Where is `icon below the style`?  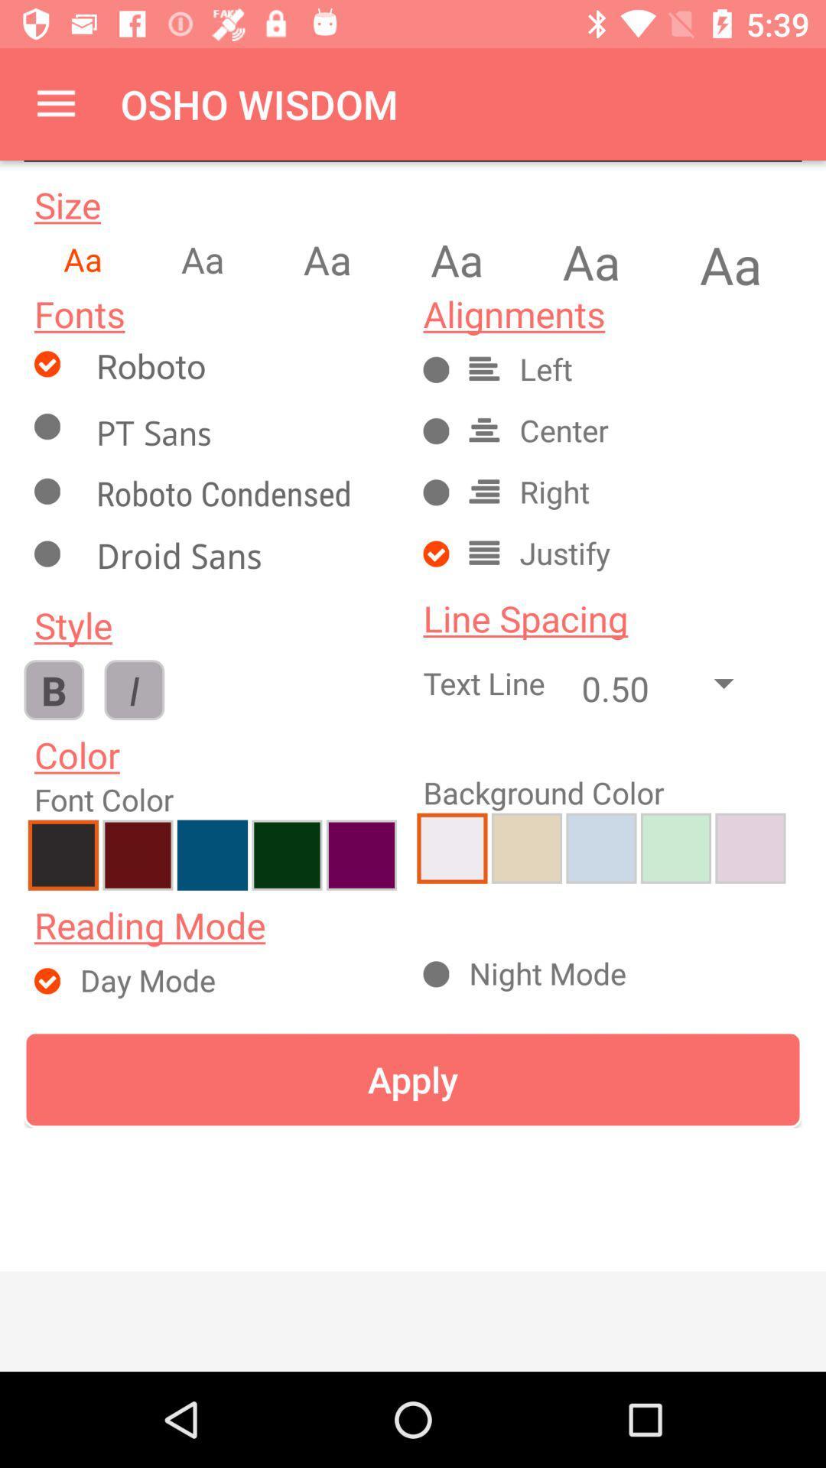
icon below the style is located at coordinates (133, 689).